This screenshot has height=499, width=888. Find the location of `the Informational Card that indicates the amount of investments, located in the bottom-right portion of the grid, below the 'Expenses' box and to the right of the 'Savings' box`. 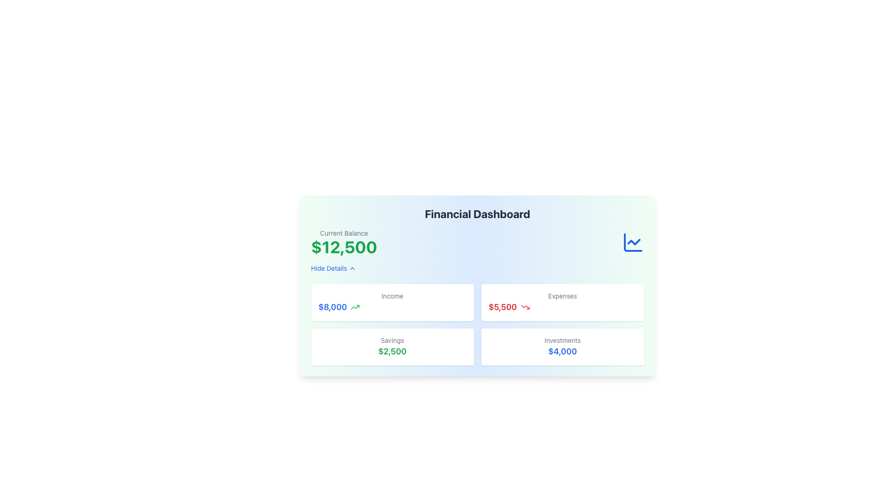

the Informational Card that indicates the amount of investments, located in the bottom-right portion of the grid, below the 'Expenses' box and to the right of the 'Savings' box is located at coordinates (562, 347).